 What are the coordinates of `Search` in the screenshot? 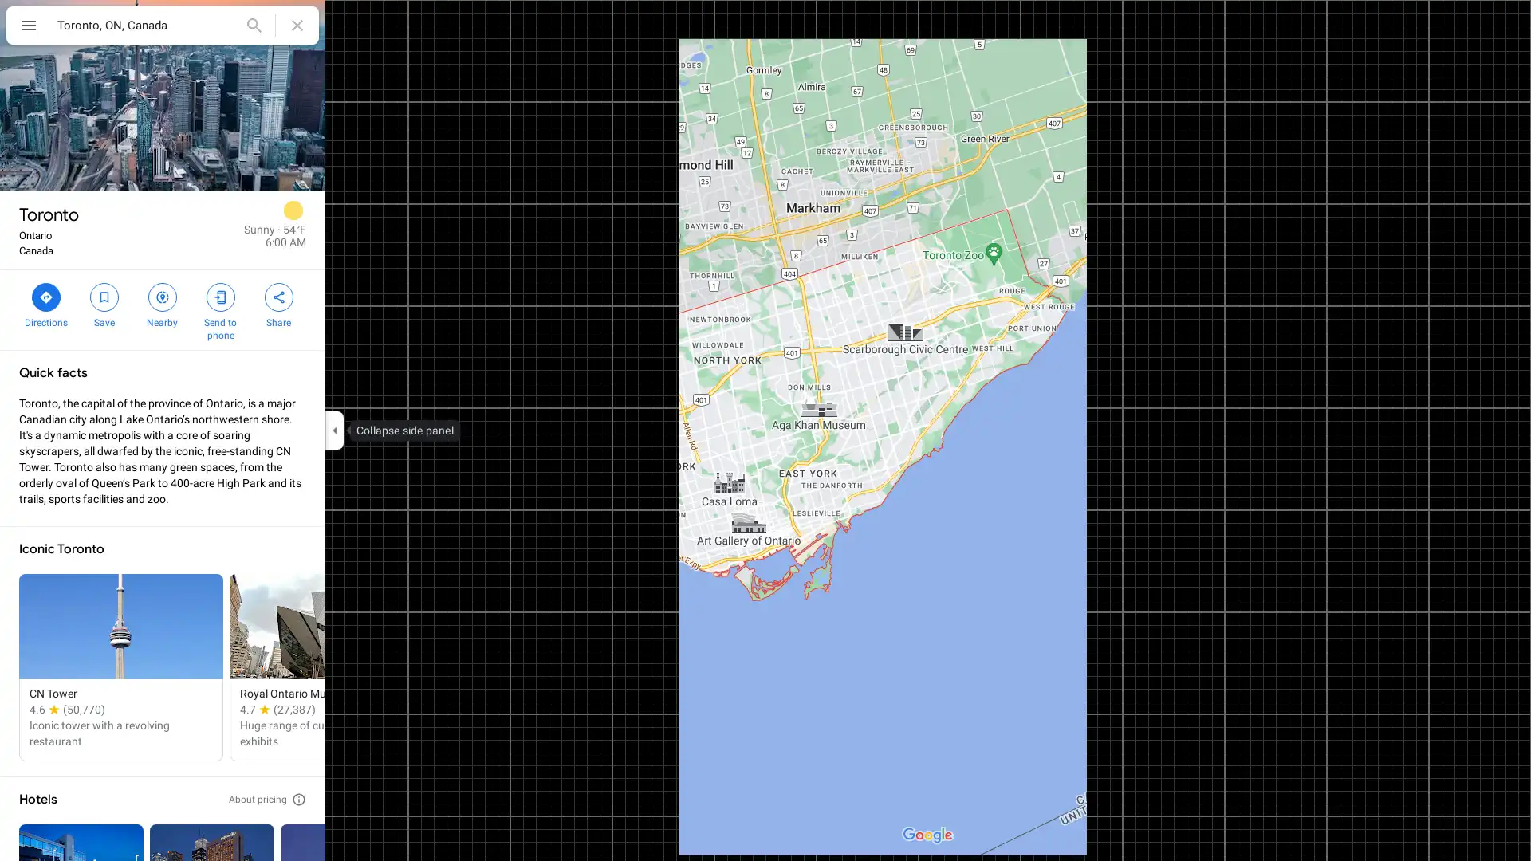 It's located at (253, 25).